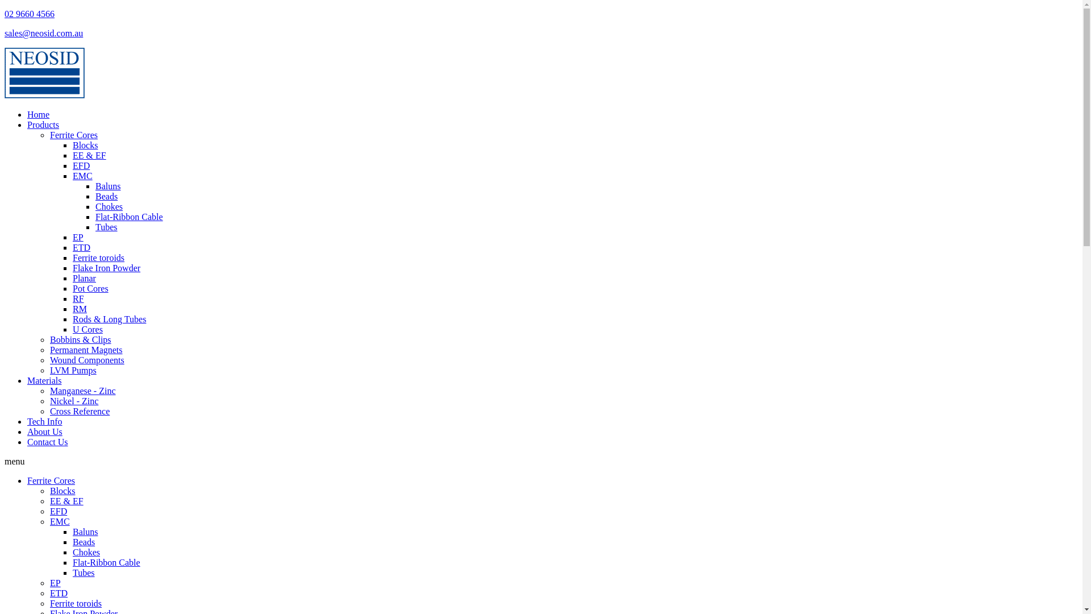 The image size is (1091, 614). Describe the element at coordinates (86, 349) in the screenshot. I see `'Permanent Magnets'` at that location.